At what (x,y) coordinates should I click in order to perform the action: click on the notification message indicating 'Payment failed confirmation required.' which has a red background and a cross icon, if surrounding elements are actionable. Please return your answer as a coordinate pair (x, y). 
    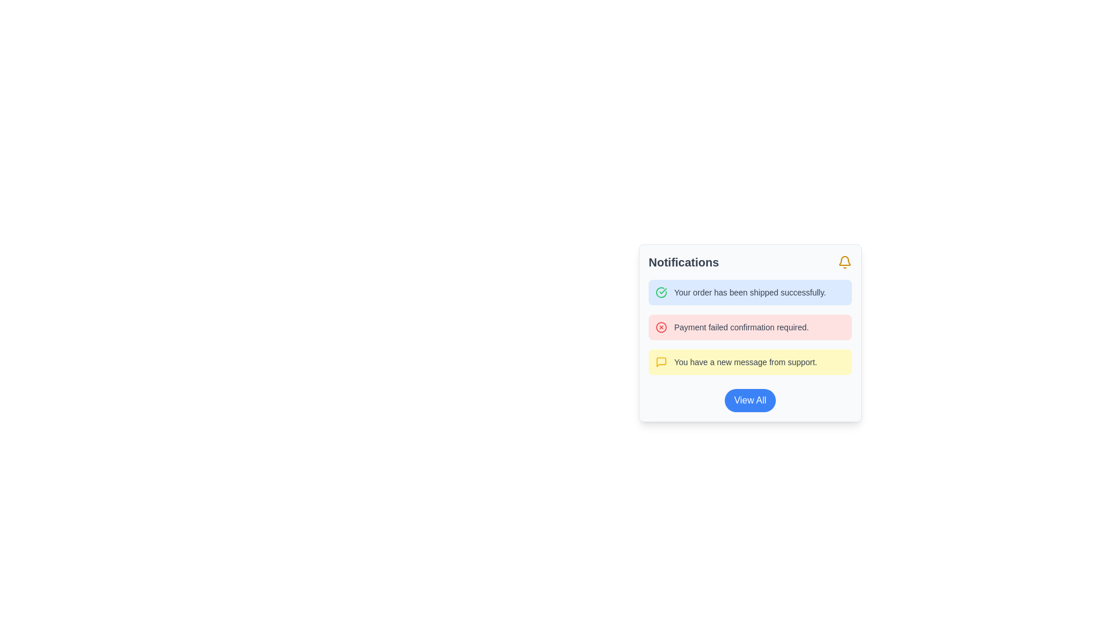
    Looking at the image, I should click on (750, 327).